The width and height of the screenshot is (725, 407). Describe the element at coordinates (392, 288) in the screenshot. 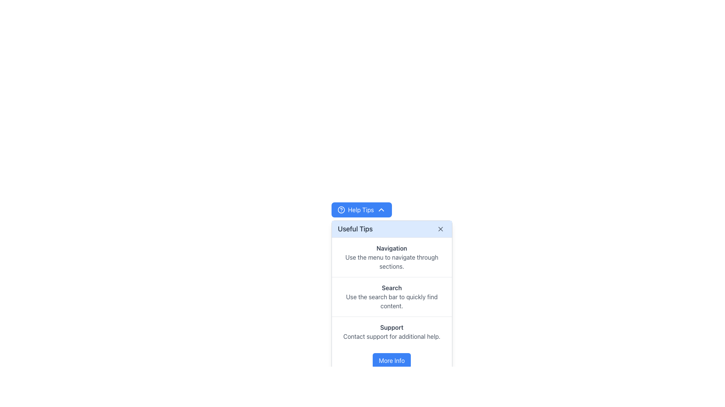

I see `the bold text label displaying 'Search' with a darker gray font, positioned above the text 'Use the search bar to quickly find content.' in the 'Useful Tips' section` at that location.